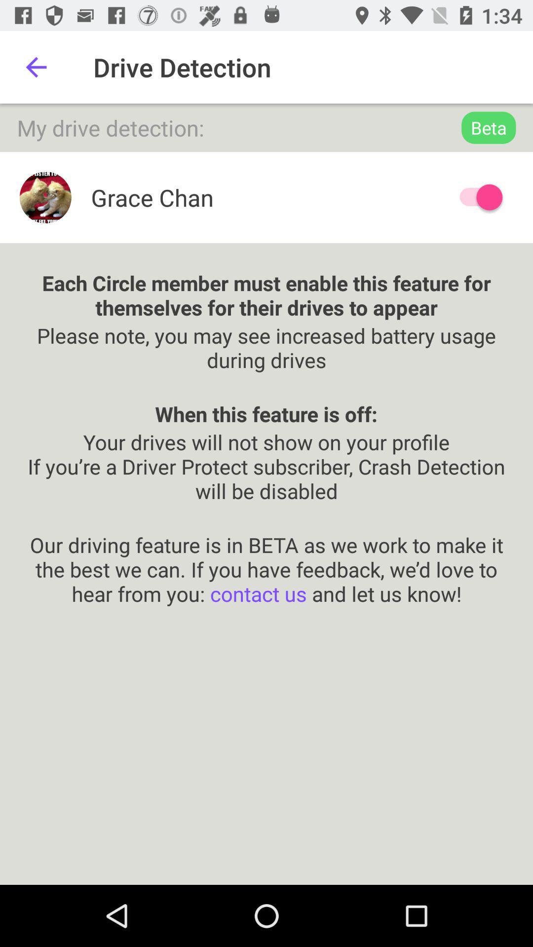 The height and width of the screenshot is (947, 533). I want to click on the icon above each circle member icon, so click(476, 197).